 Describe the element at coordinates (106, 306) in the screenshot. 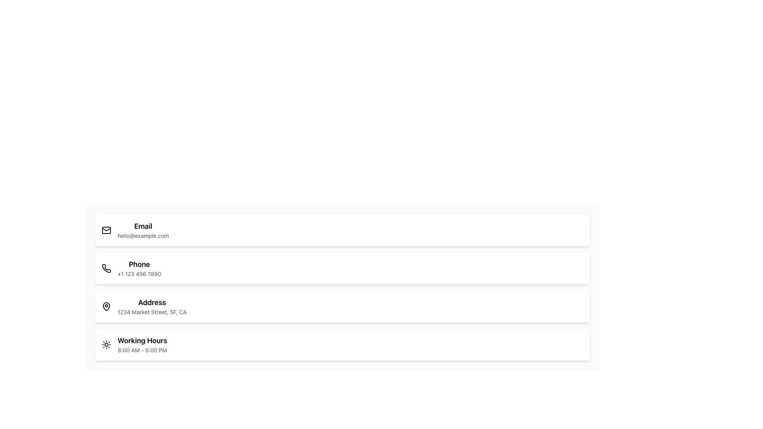

I see `the heart shape inside the map pin icon, which is located to the left of the 'Address' contact information item in the third row of the contact details card` at that location.